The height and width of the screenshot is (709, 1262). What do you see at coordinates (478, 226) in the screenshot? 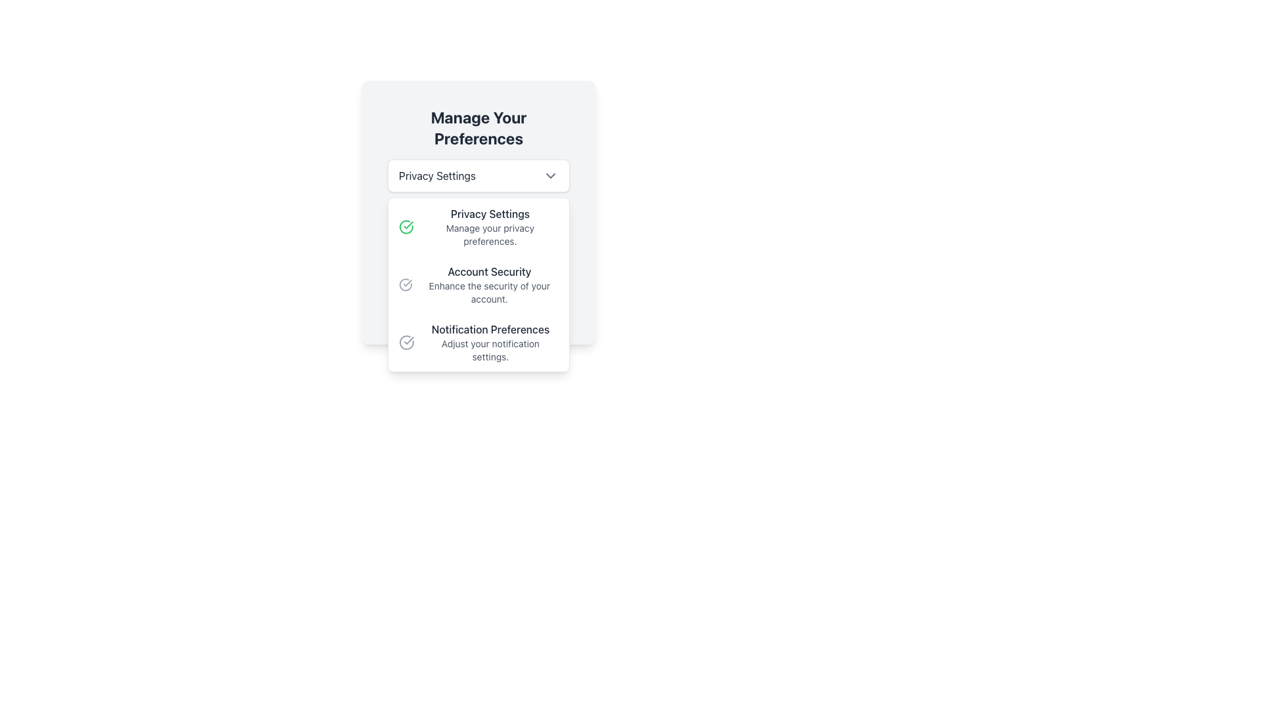
I see `interaction on the first list item titled 'Privacy Settings' which allows users to manage their privacy preferences` at bounding box center [478, 226].